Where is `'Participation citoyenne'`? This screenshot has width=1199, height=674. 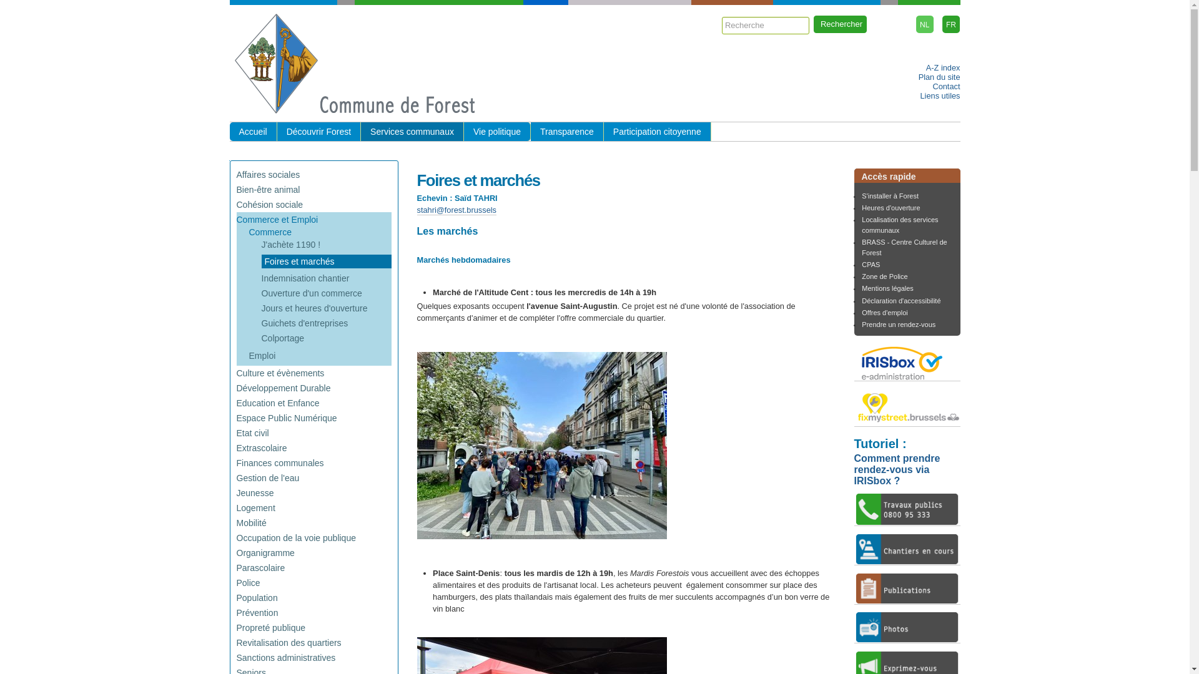 'Participation citoyenne' is located at coordinates (656, 132).